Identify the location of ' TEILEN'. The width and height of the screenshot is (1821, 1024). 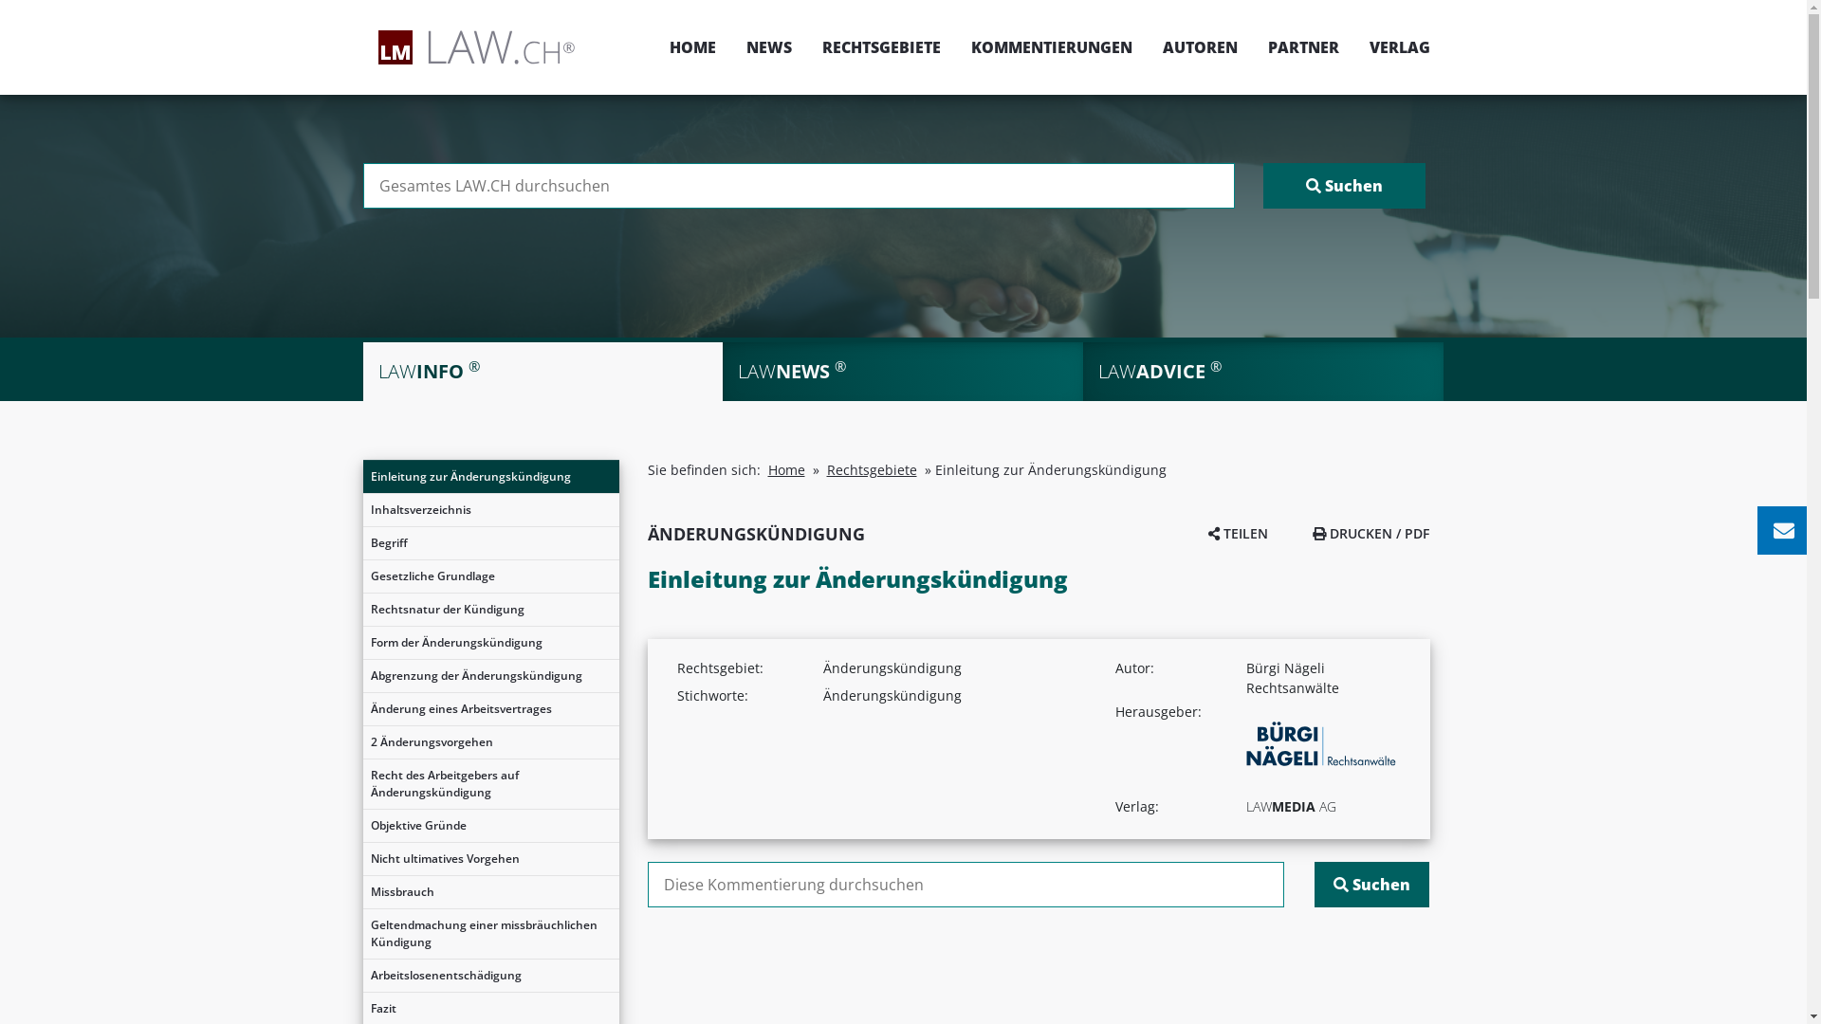
(1238, 533).